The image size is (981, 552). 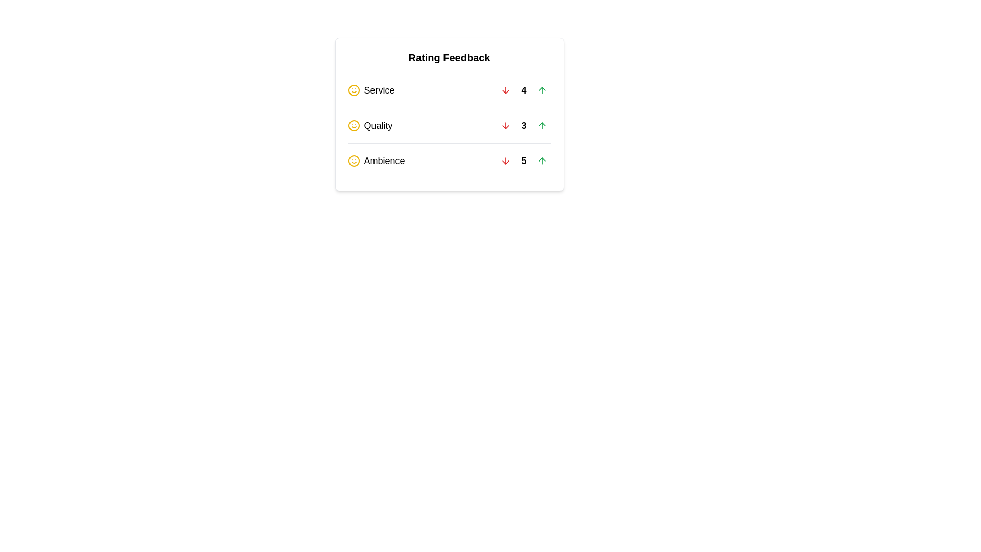 I want to click on the button or icon indicating a rating increment located at the rightmost area of the 'Ambience' row in the 'Rating Feedback' table, so click(x=541, y=161).